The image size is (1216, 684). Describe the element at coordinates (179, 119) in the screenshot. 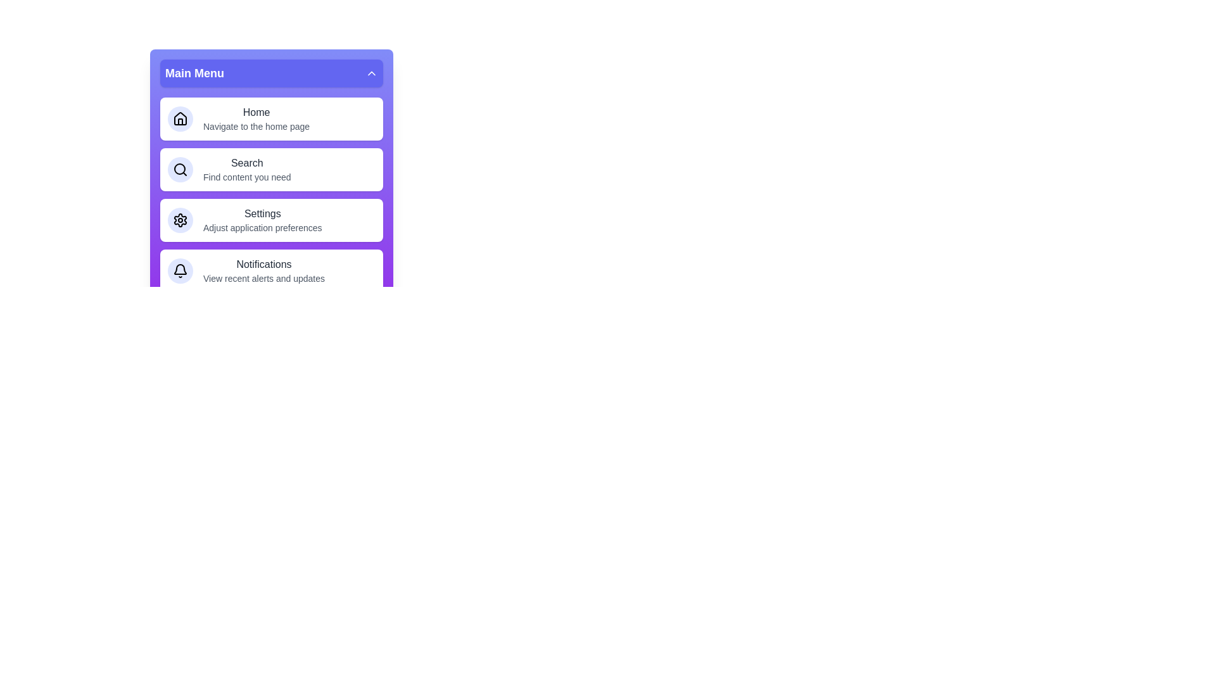

I see `the icon associated with the menu item Home` at that location.